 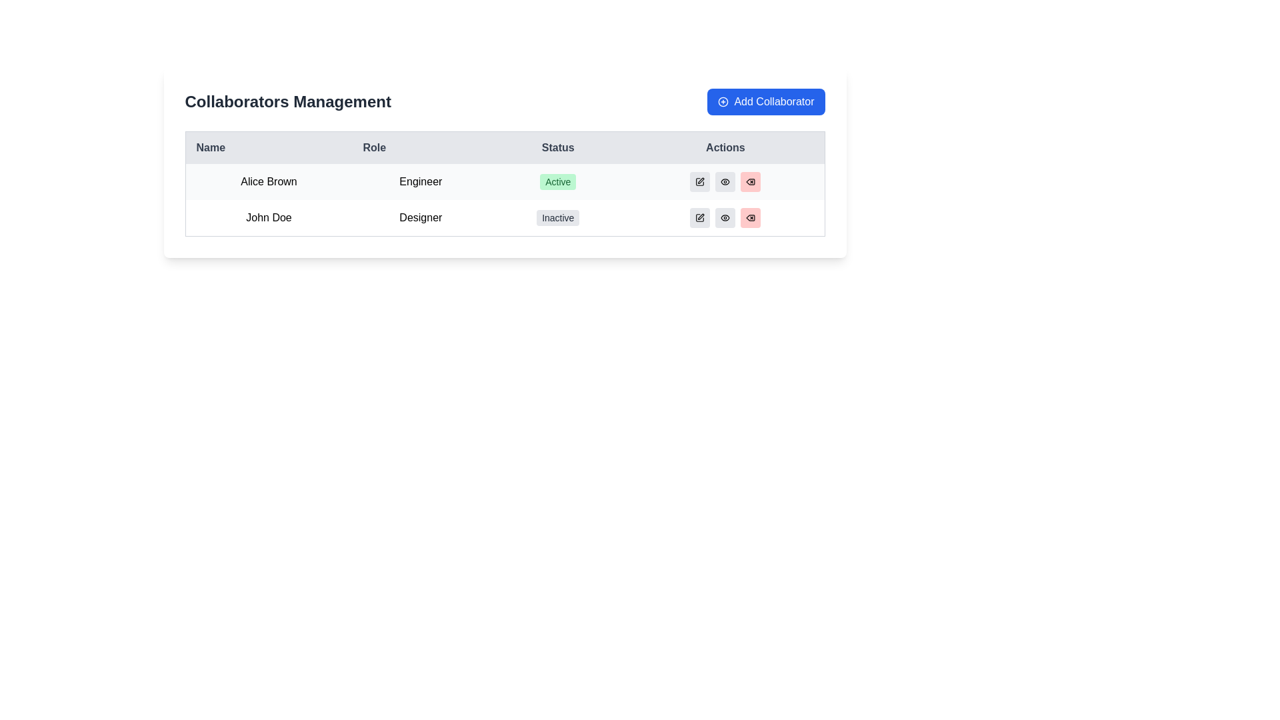 I want to click on the eye icon in the 'Actions' column of the table row for 'Alice Brown', so click(x=725, y=182).